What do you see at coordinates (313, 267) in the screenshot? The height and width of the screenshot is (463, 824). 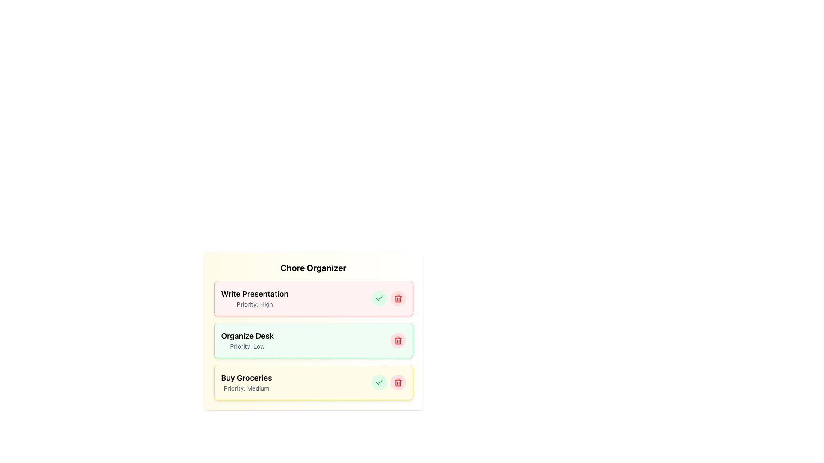 I see `the text label titled 'Chore Organizer' located in the header section of the card layout, which is centered above the list of subtasks` at bounding box center [313, 267].